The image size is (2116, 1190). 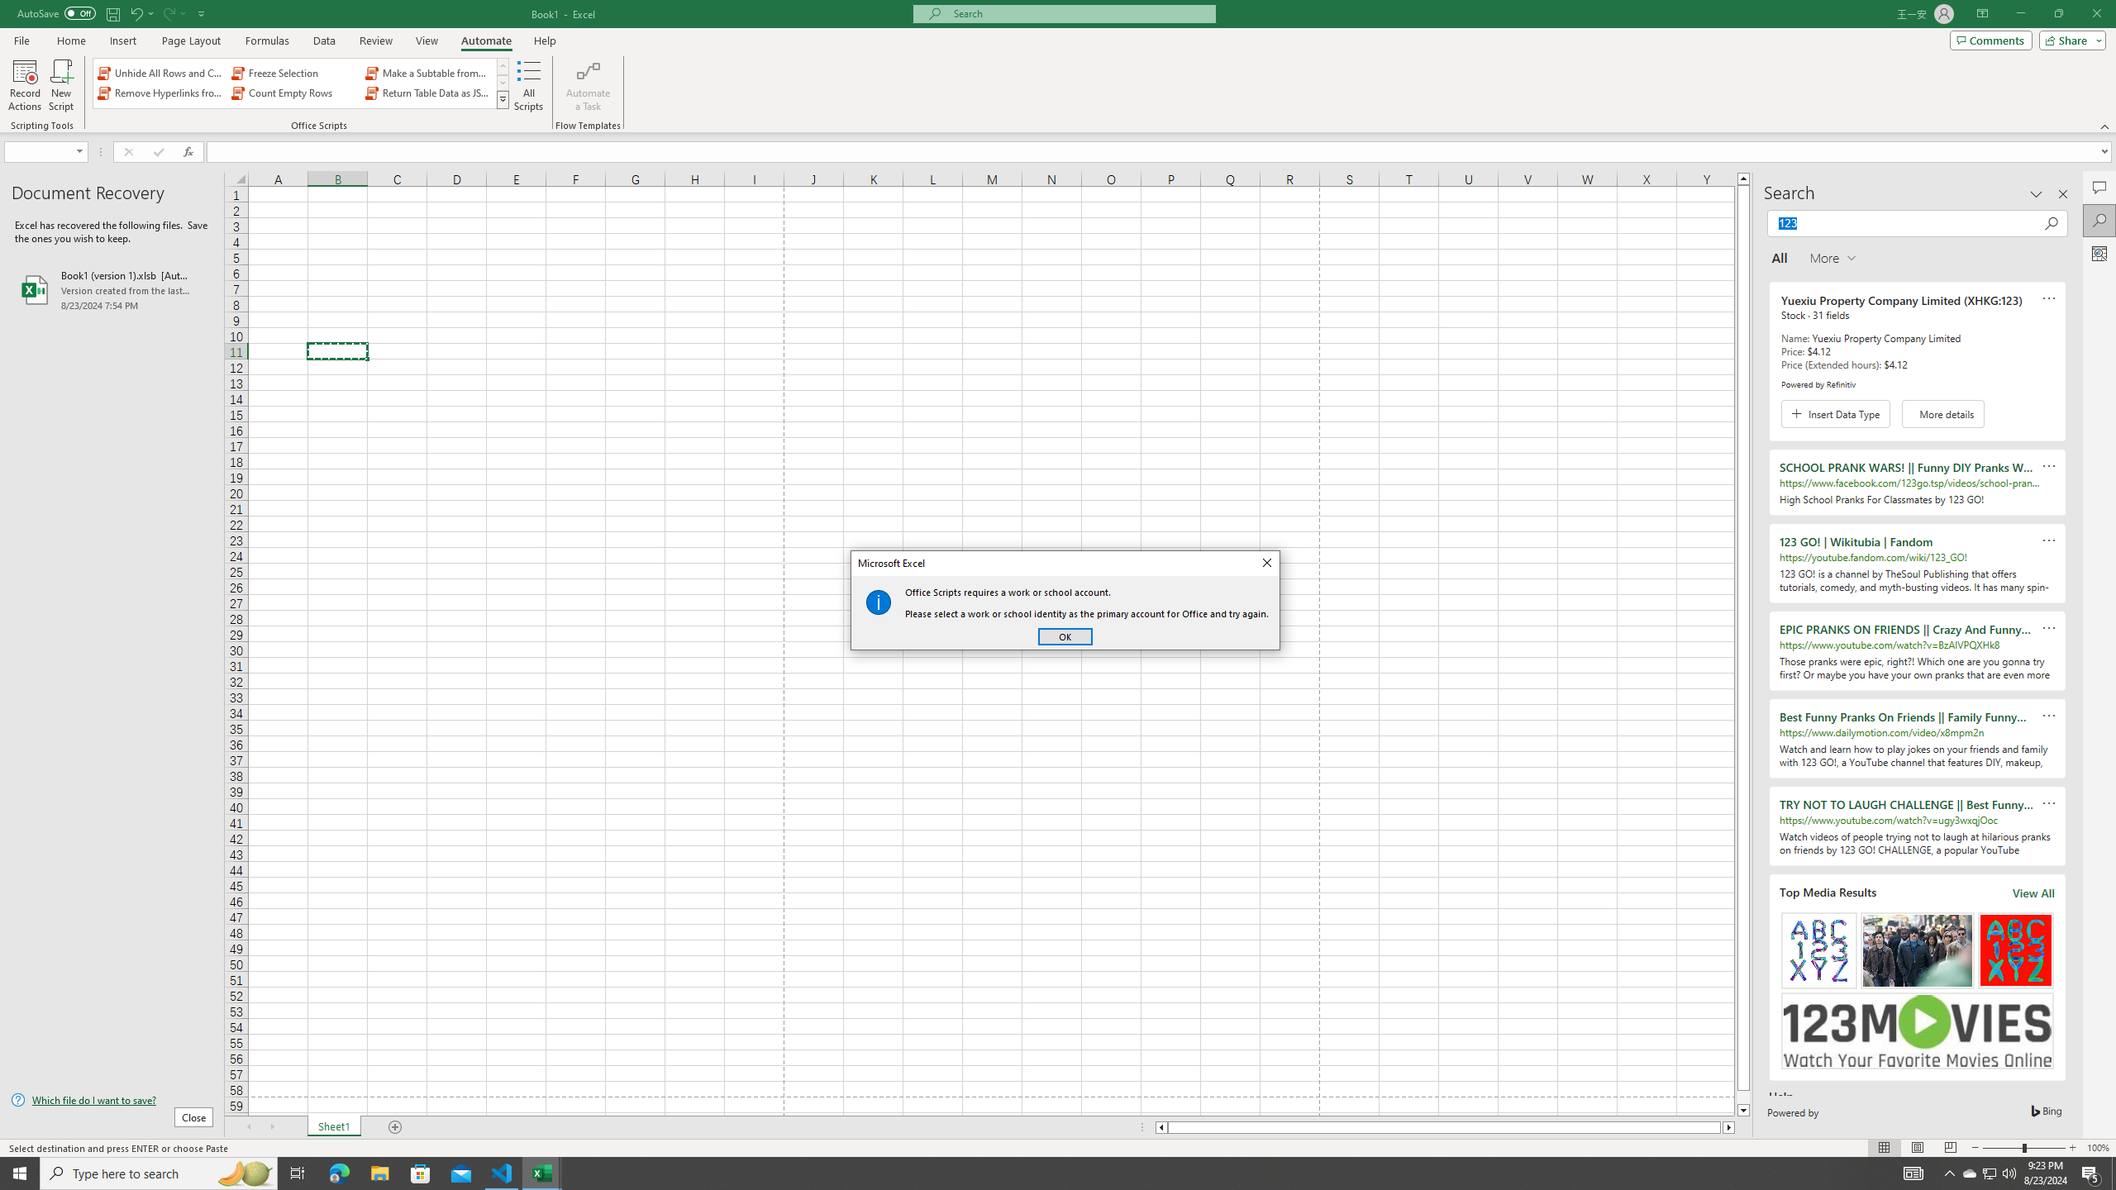 I want to click on 'Sheet1', so click(x=333, y=1126).